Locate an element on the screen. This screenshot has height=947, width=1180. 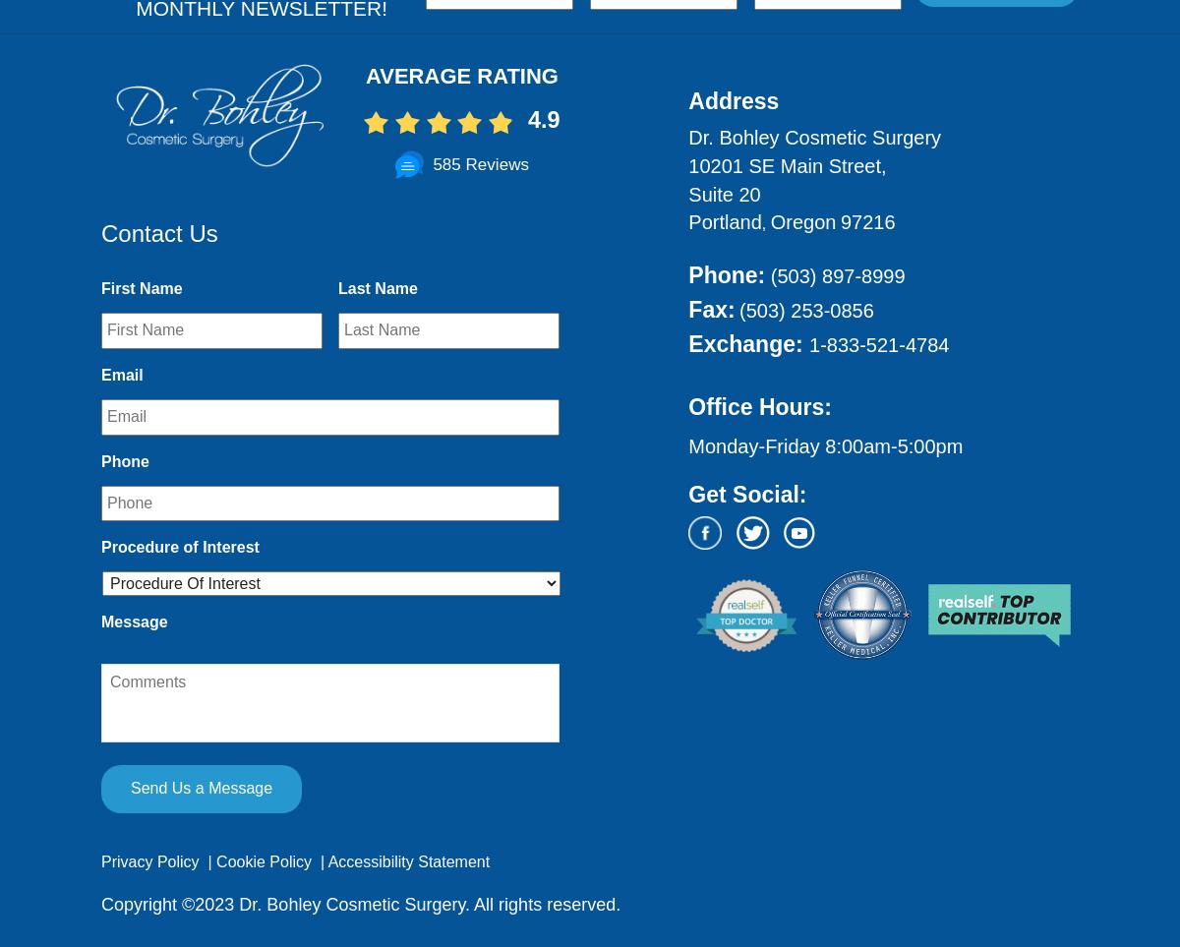
',' is located at coordinates (764, 223).